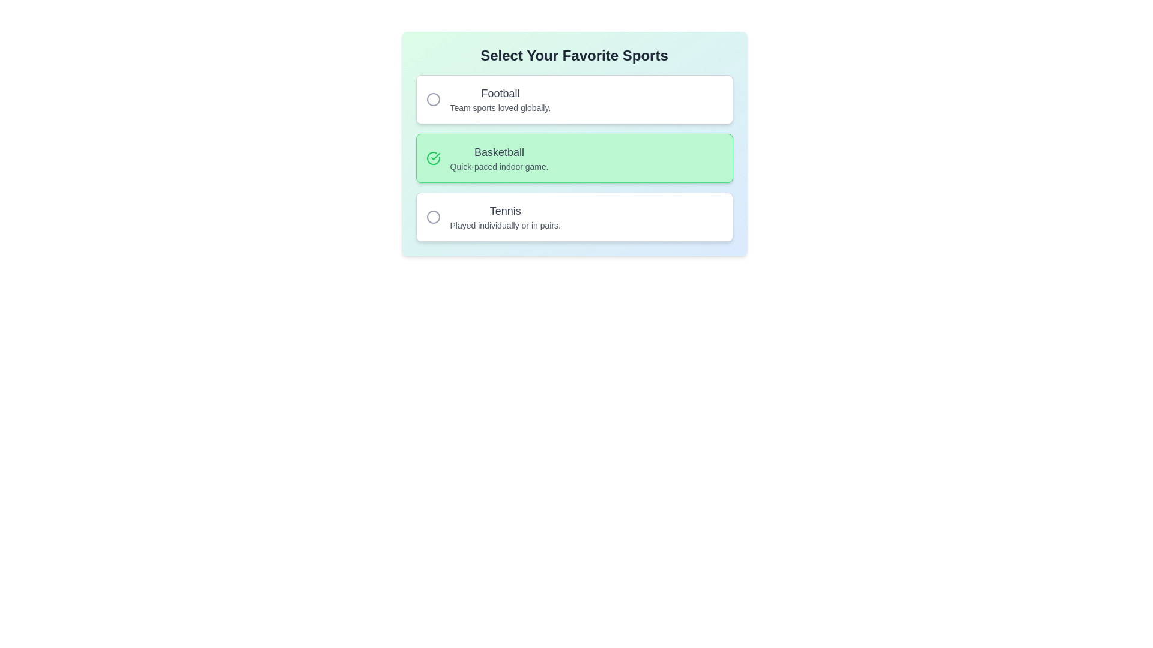  I want to click on the selectable area associated with the 'Basketball' text label, which serves as the title for this option in the vertical list of sports choices, so click(499, 152).